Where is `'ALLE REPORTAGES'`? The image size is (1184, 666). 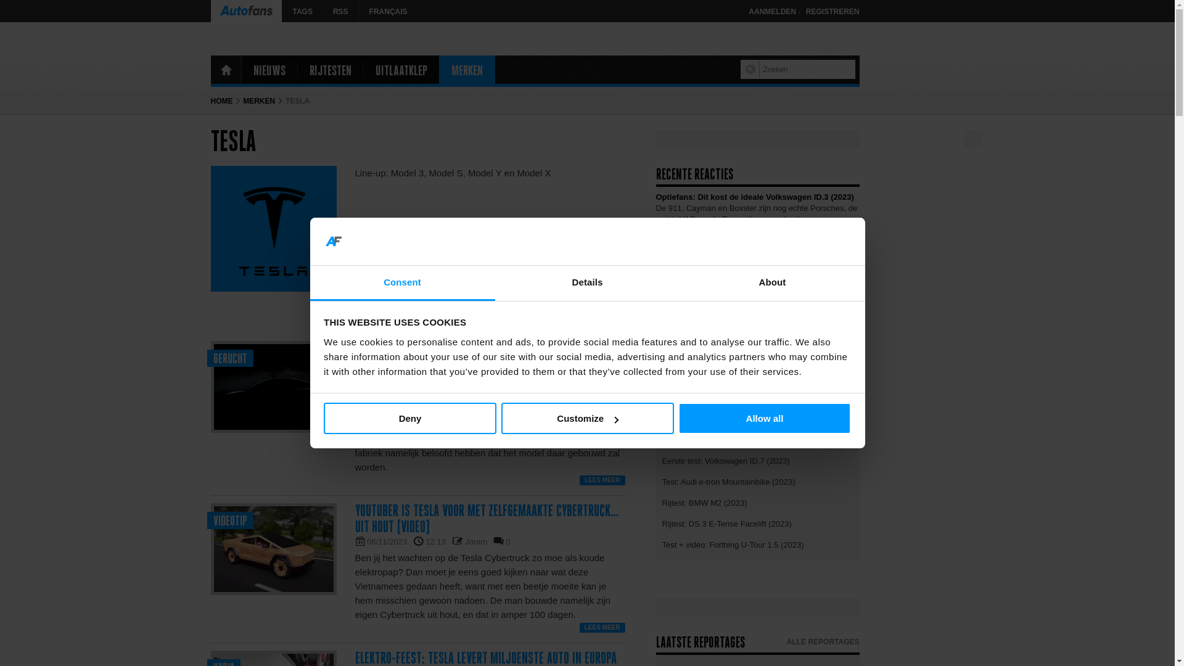 'ALLE REPORTAGES' is located at coordinates (823, 641).